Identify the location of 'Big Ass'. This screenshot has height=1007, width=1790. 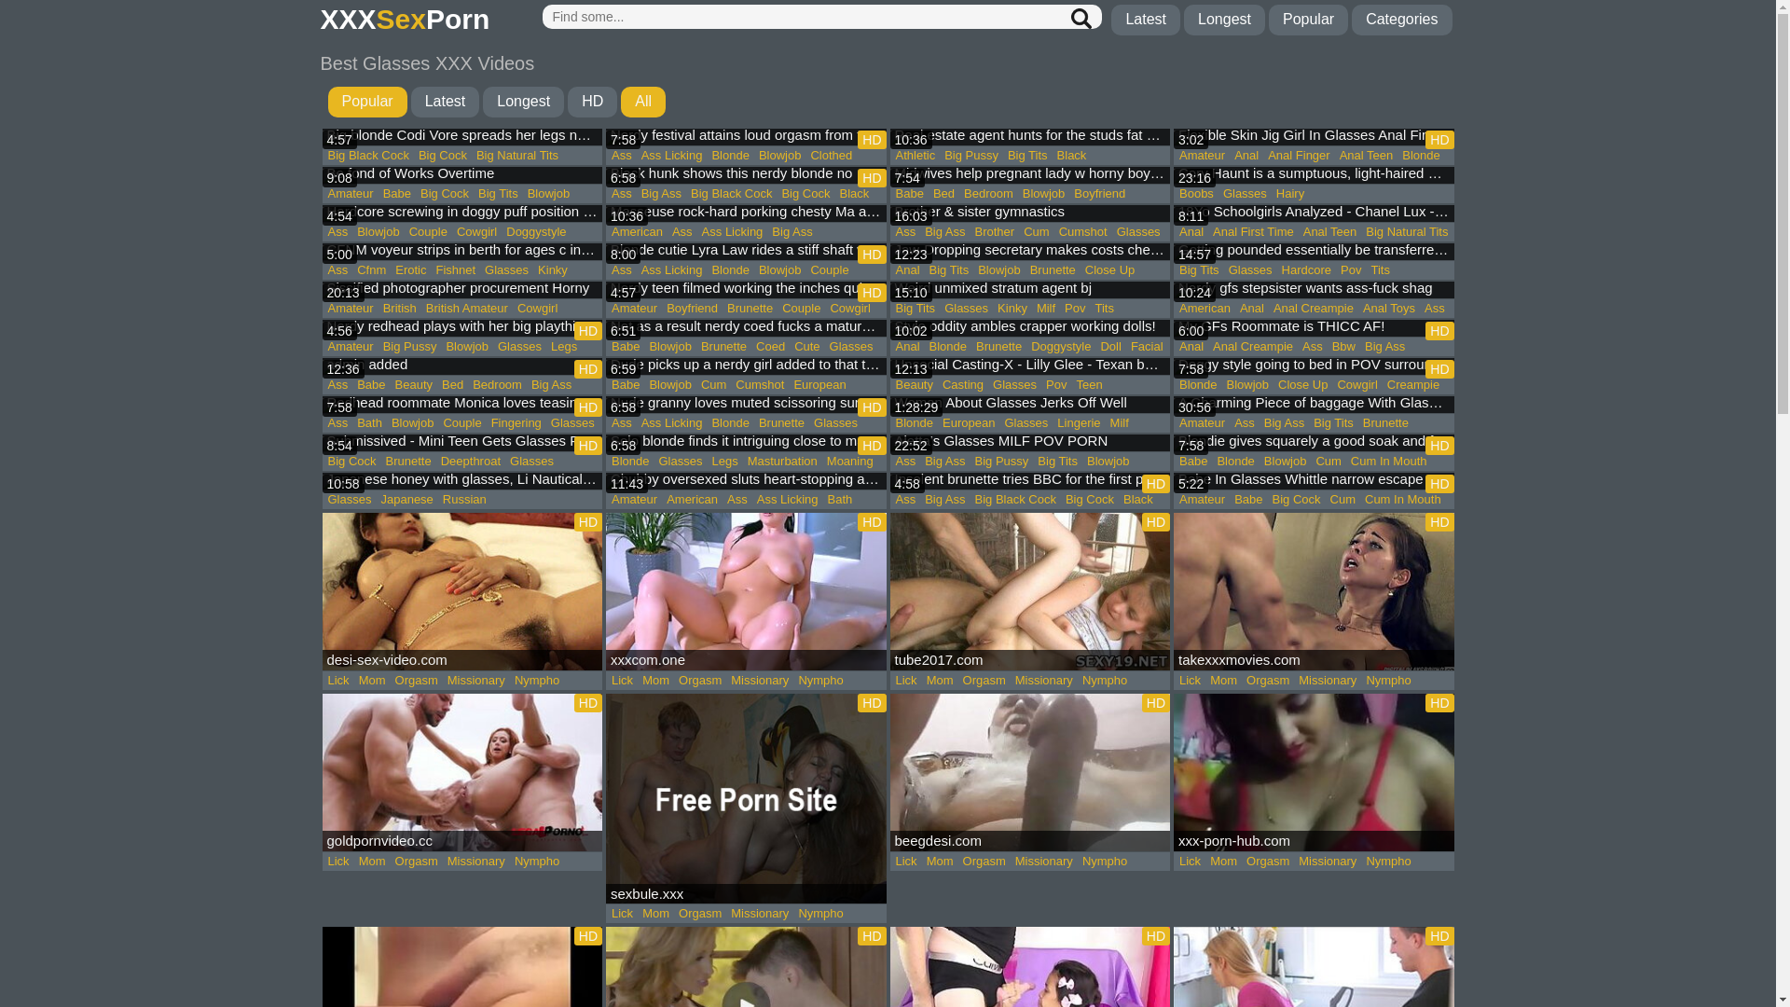
(526, 383).